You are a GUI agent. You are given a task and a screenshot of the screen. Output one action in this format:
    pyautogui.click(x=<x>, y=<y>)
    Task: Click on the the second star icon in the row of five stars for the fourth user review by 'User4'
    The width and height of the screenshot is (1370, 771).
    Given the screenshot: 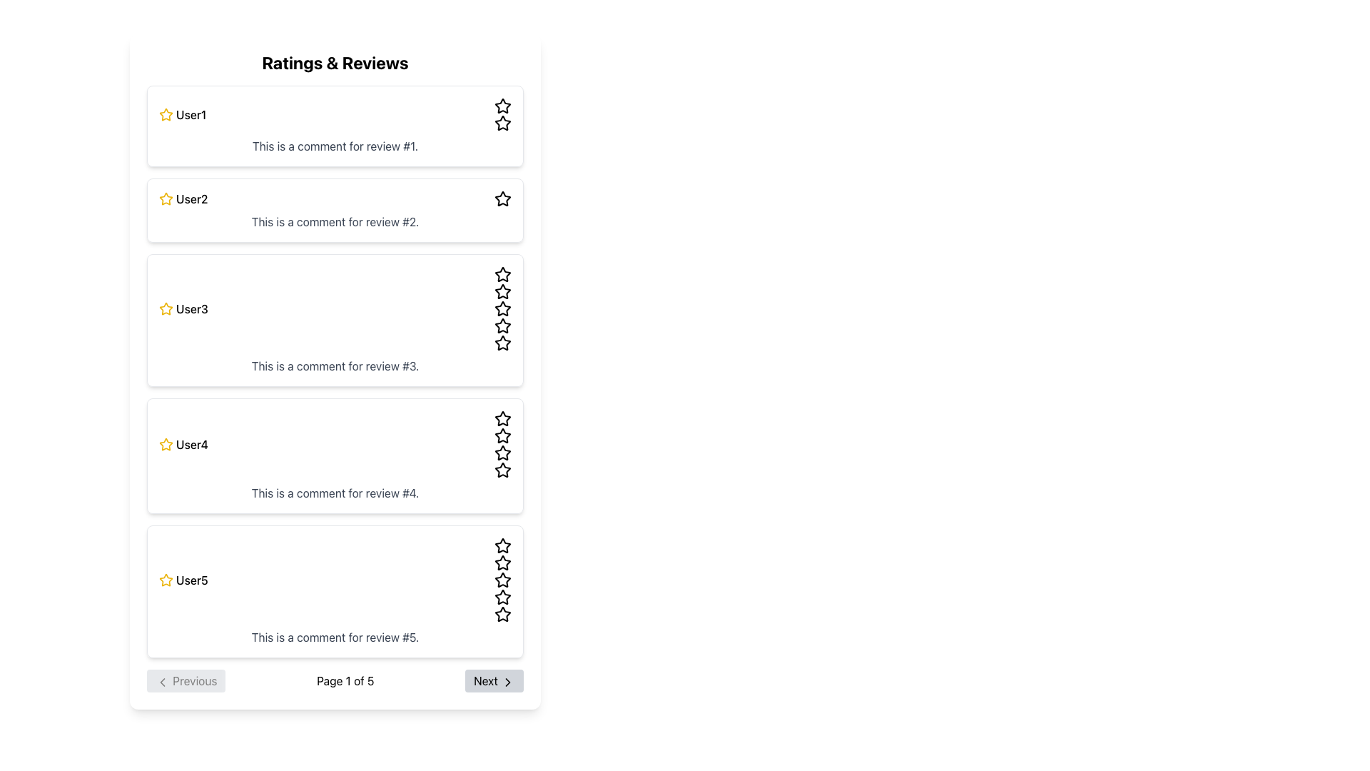 What is the action you would take?
    pyautogui.click(x=503, y=453)
    